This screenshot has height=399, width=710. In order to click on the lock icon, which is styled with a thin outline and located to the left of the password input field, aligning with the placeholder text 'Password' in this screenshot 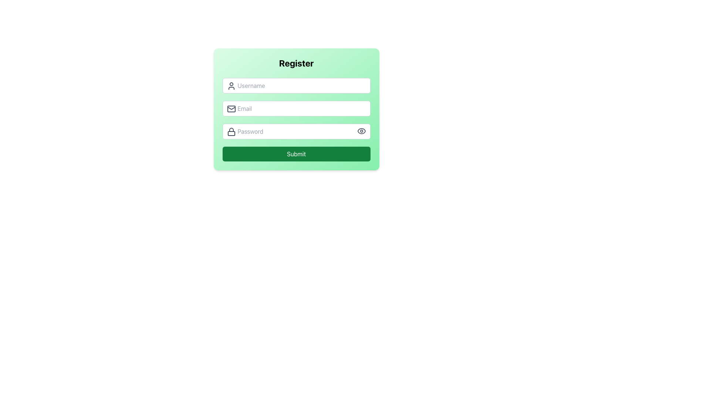, I will do `click(231, 132)`.